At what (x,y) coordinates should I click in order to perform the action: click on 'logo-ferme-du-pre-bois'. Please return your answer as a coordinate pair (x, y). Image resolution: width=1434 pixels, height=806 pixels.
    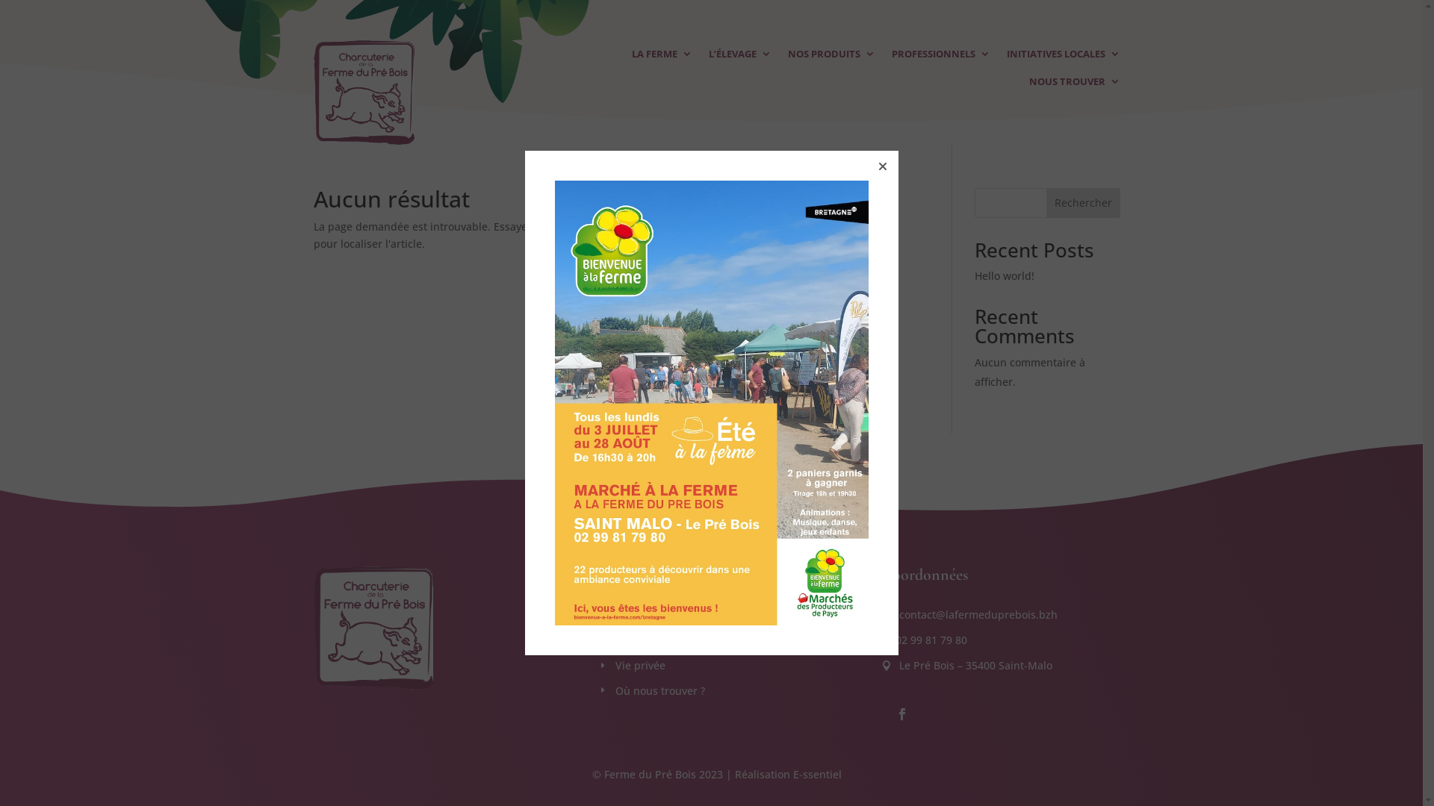
    Looking at the image, I should click on (373, 628).